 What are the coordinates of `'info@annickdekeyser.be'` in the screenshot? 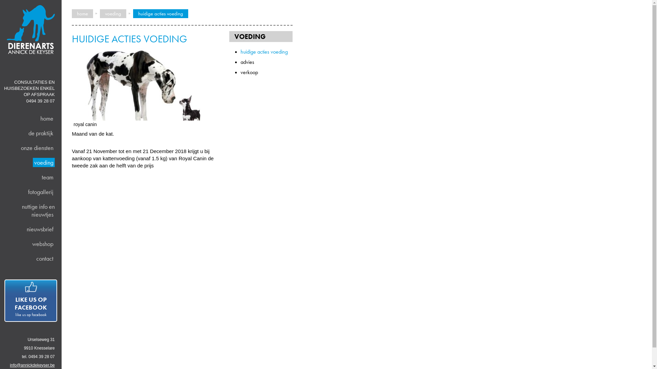 It's located at (32, 365).